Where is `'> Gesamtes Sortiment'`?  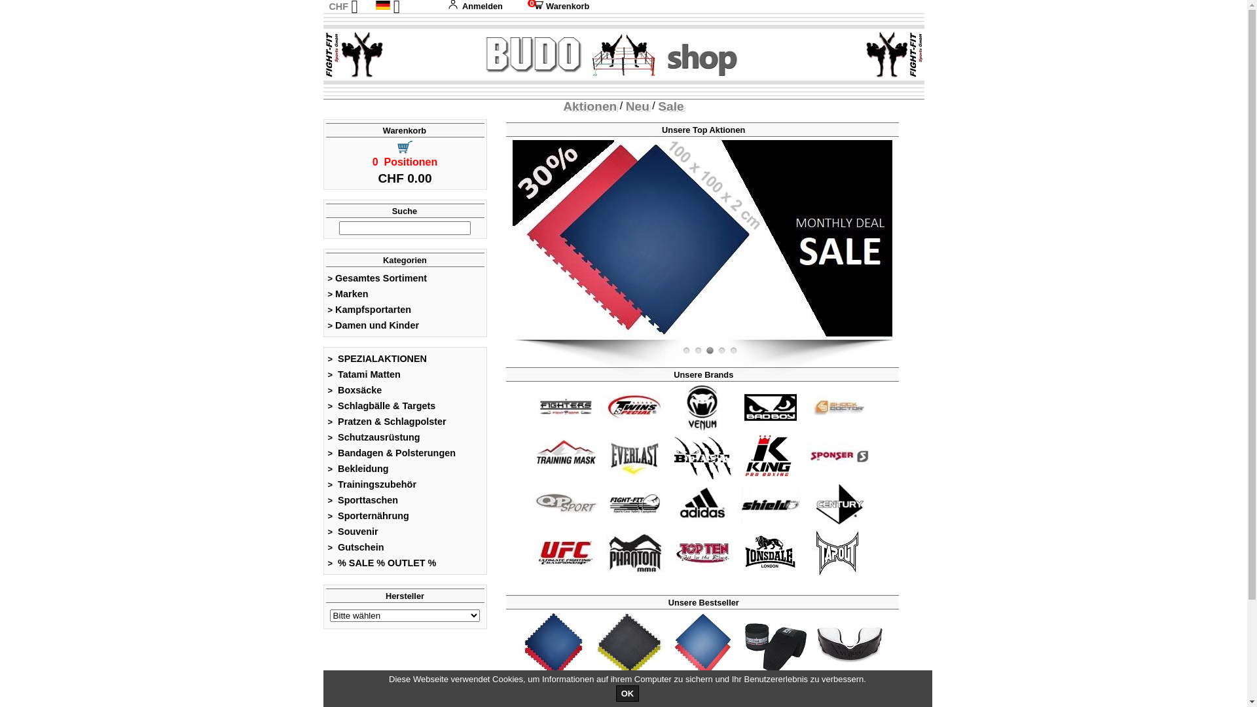 '> Gesamtes Sortiment' is located at coordinates (376, 277).